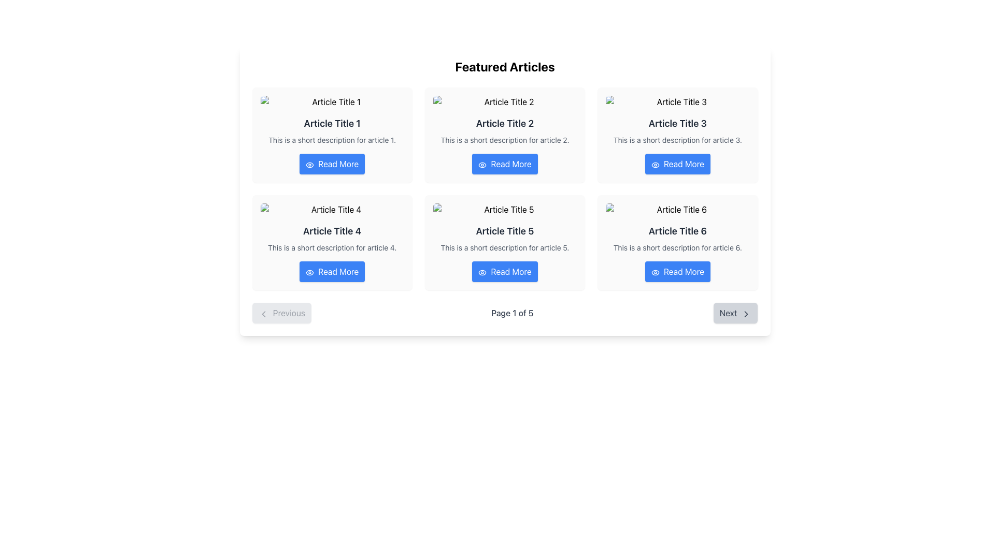  What do you see at coordinates (332, 247) in the screenshot?
I see `the Text block providing a brief description or summary of the content related to the fourth article in the grid for accessibility` at bounding box center [332, 247].